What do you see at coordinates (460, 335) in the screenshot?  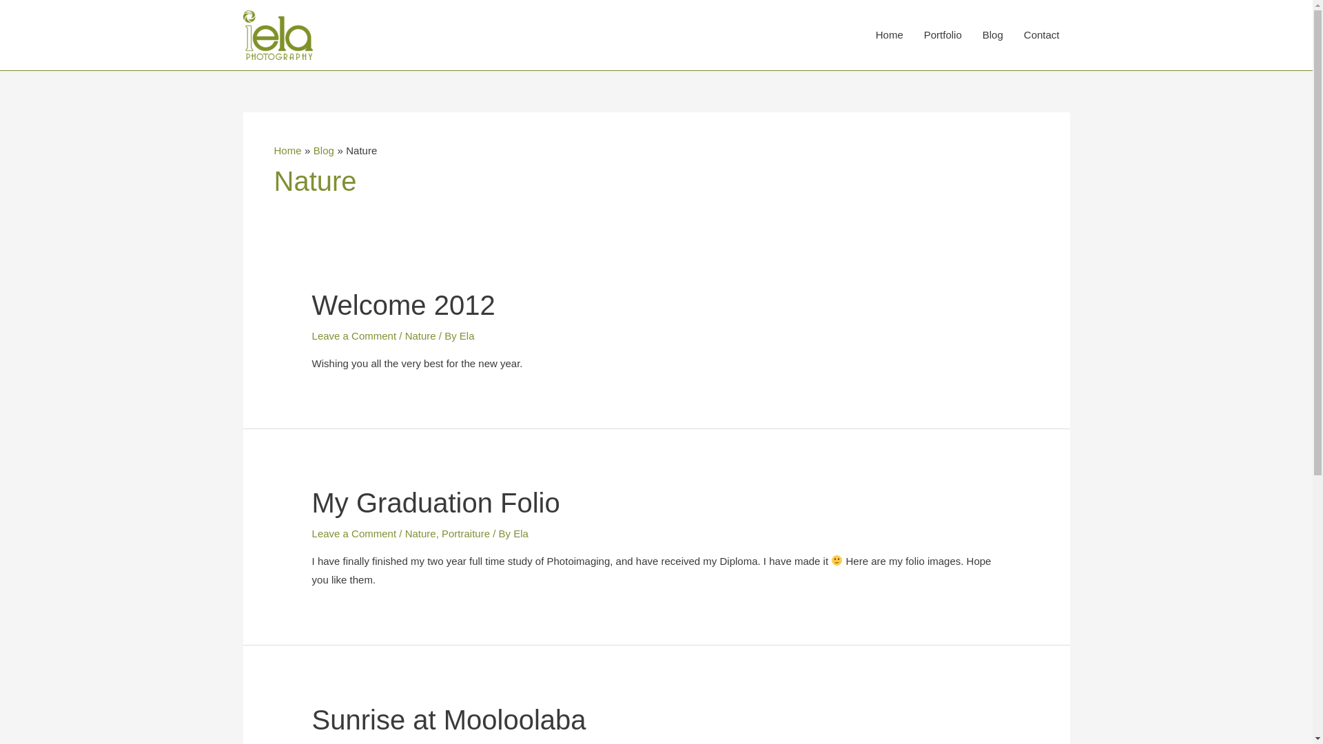 I see `'Ela'` at bounding box center [460, 335].